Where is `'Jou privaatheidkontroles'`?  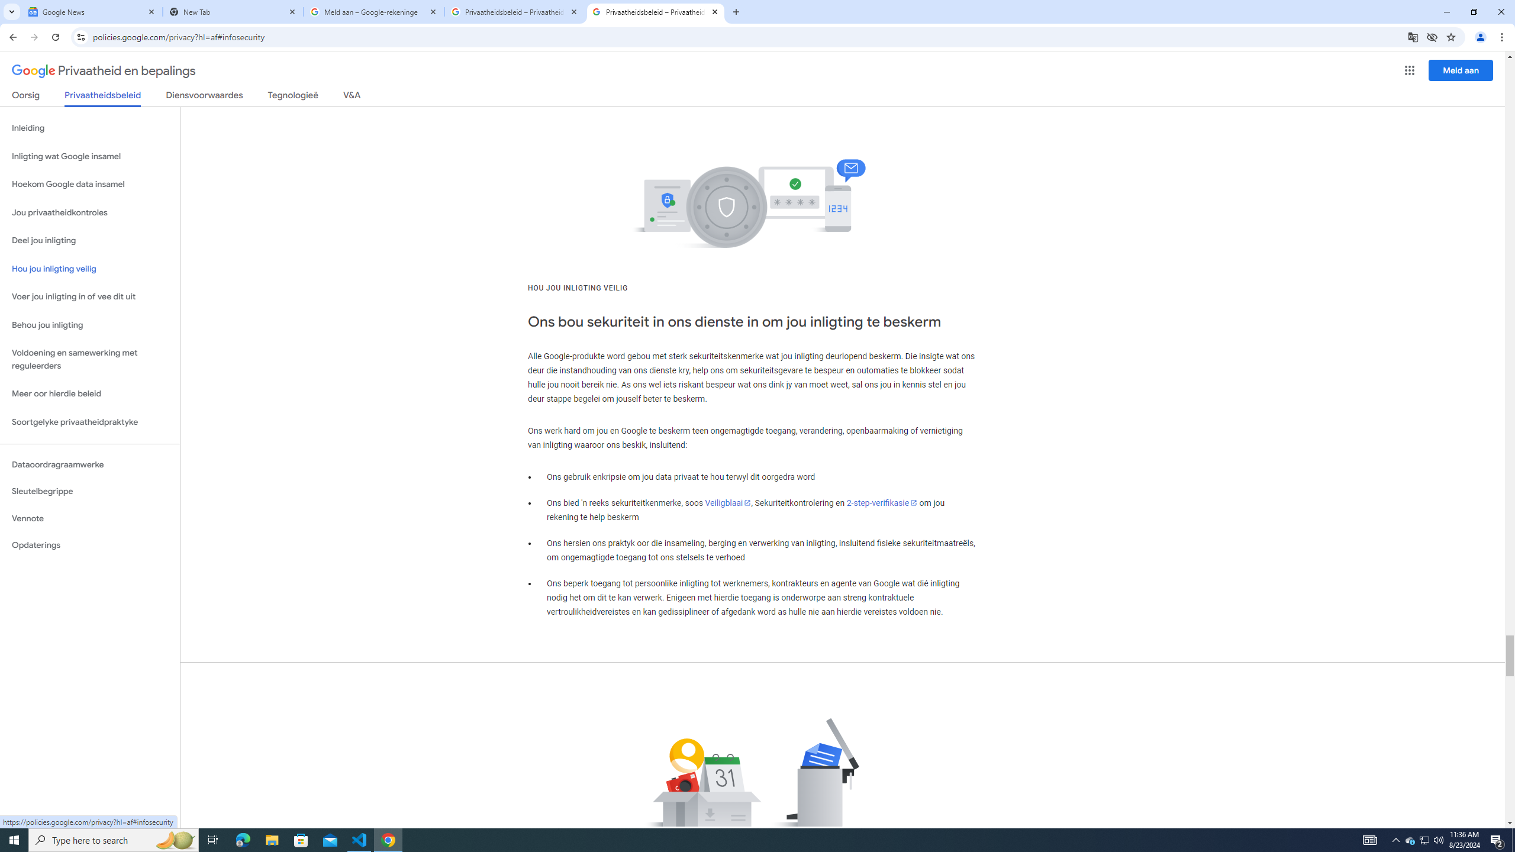 'Jou privaatheidkontroles' is located at coordinates (89, 213).